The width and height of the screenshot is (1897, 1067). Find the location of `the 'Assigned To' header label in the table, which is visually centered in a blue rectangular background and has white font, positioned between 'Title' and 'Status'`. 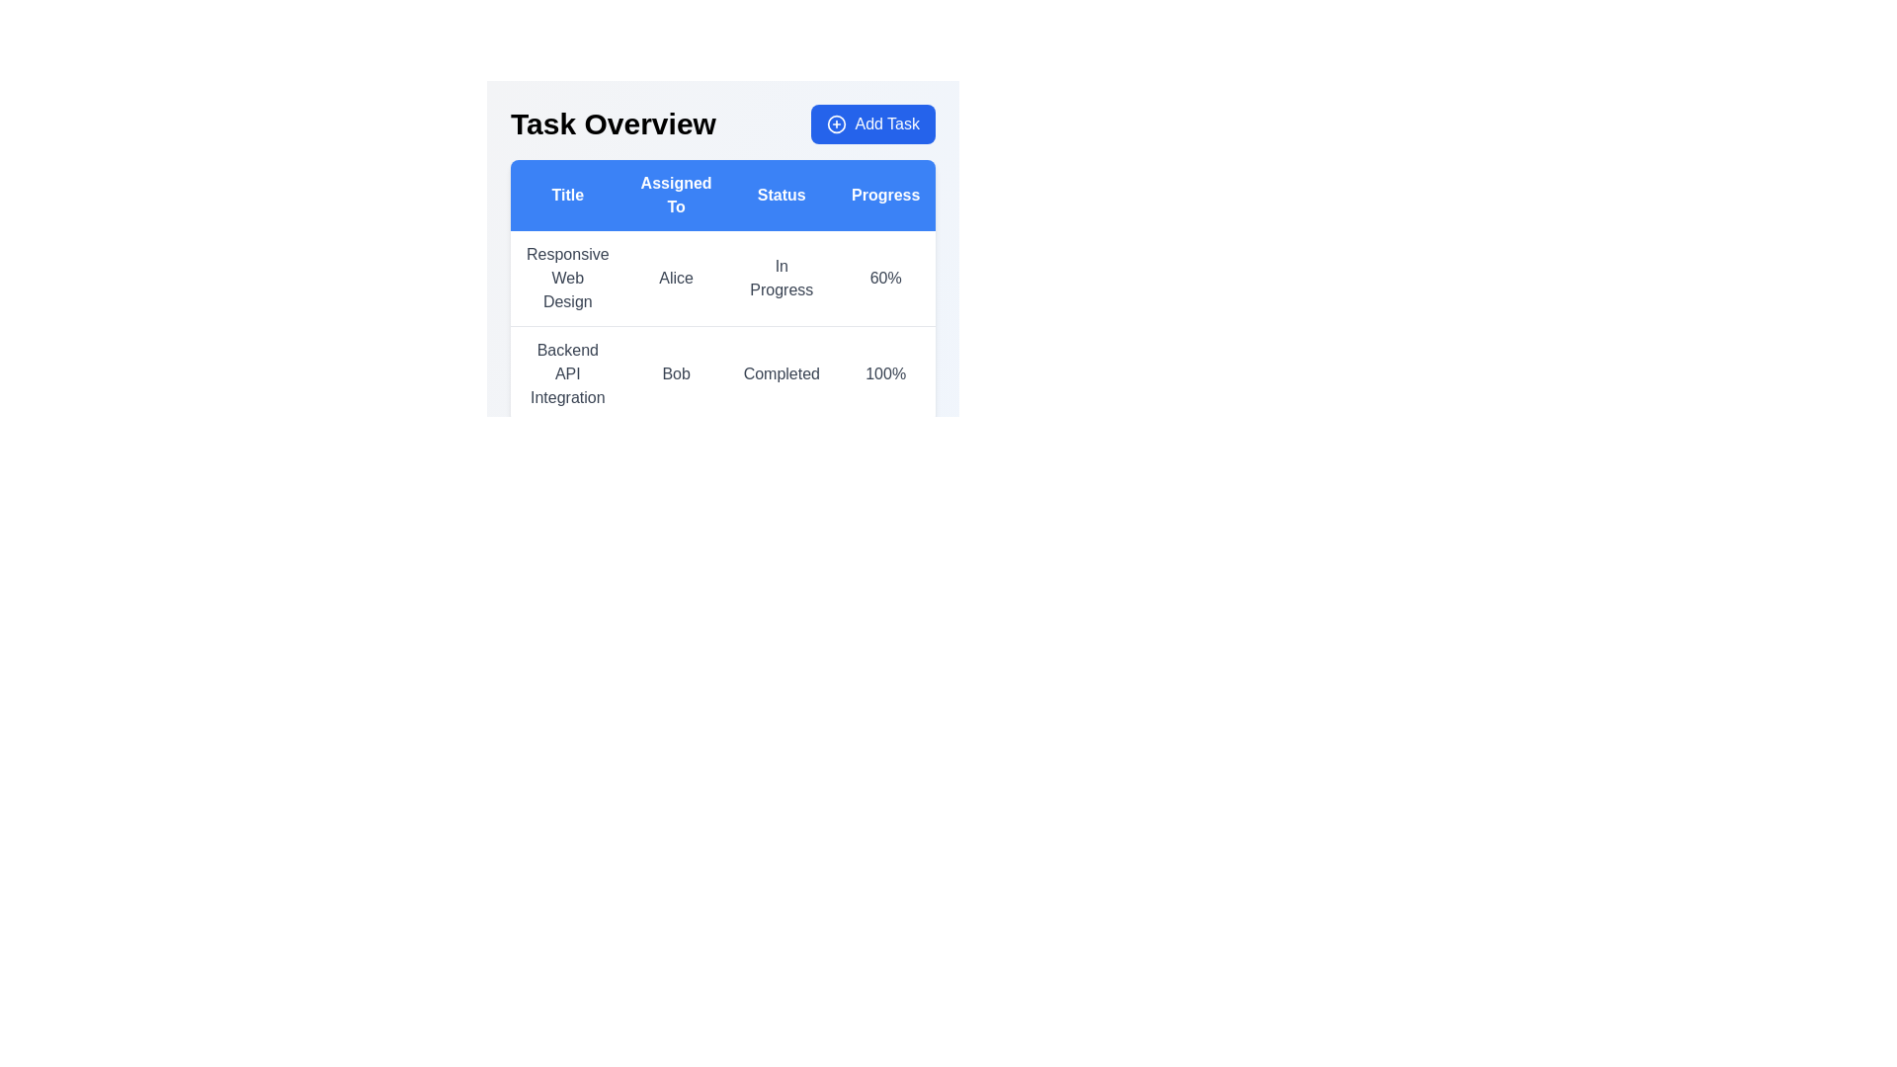

the 'Assigned To' header label in the table, which is visually centered in a blue rectangular background and has white font, positioned between 'Title' and 'Status' is located at coordinates (676, 195).